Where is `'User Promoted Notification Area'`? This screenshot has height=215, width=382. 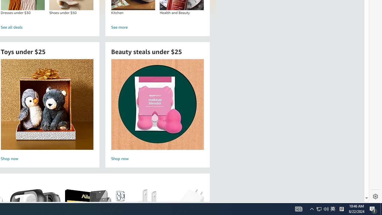
'User Promoted Notification Area' is located at coordinates (322, 208).